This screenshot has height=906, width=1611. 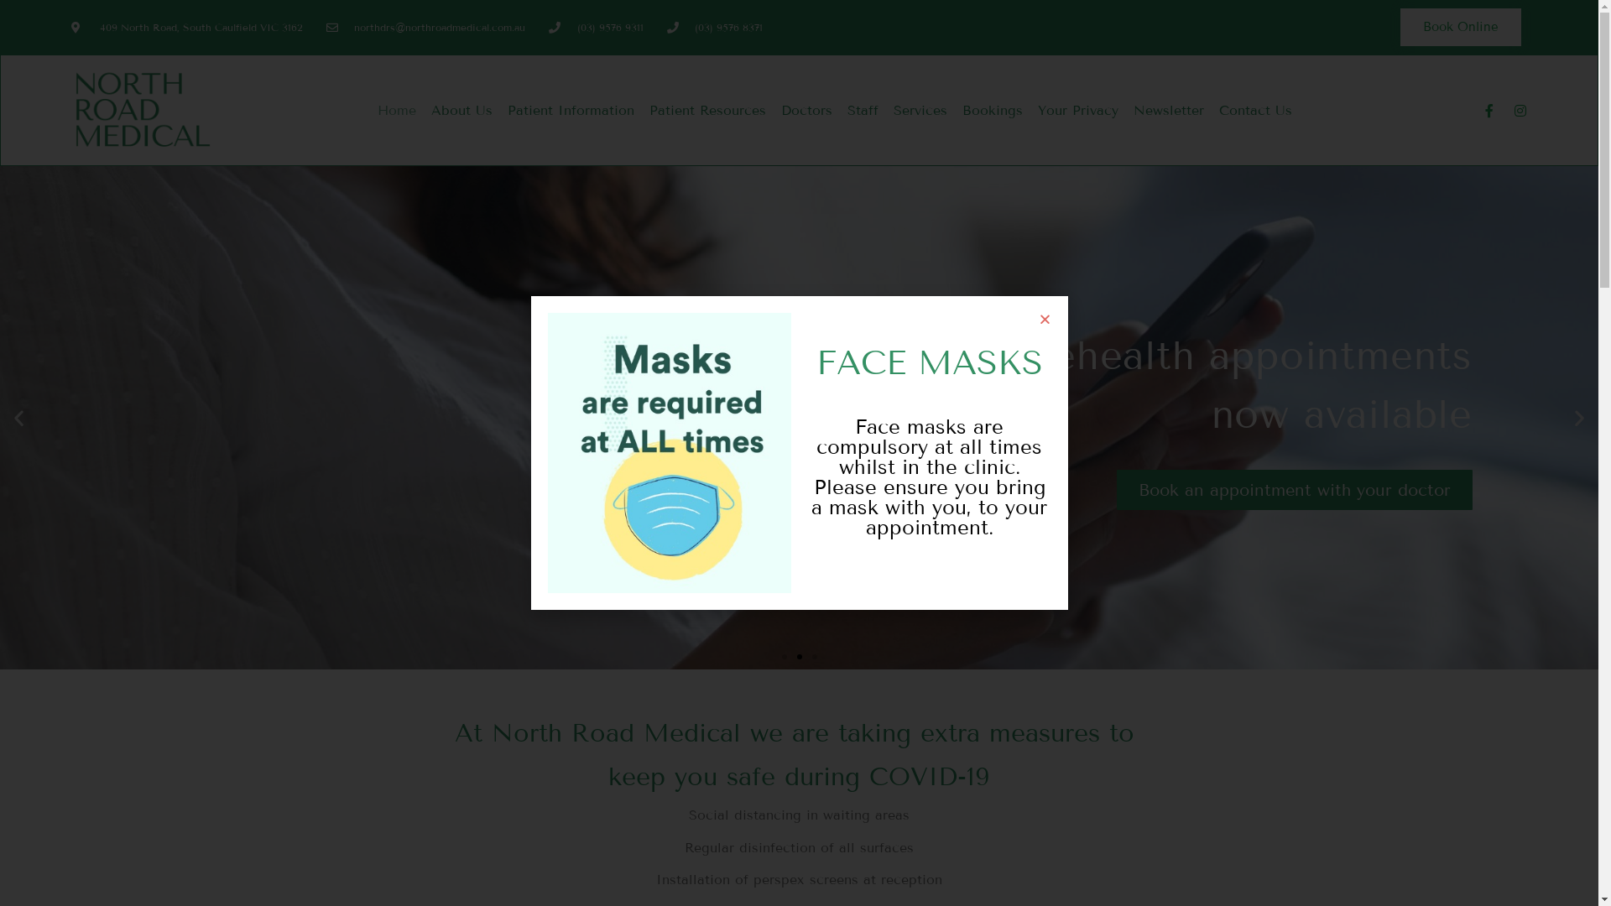 I want to click on 'Bookings', so click(x=954, y=110).